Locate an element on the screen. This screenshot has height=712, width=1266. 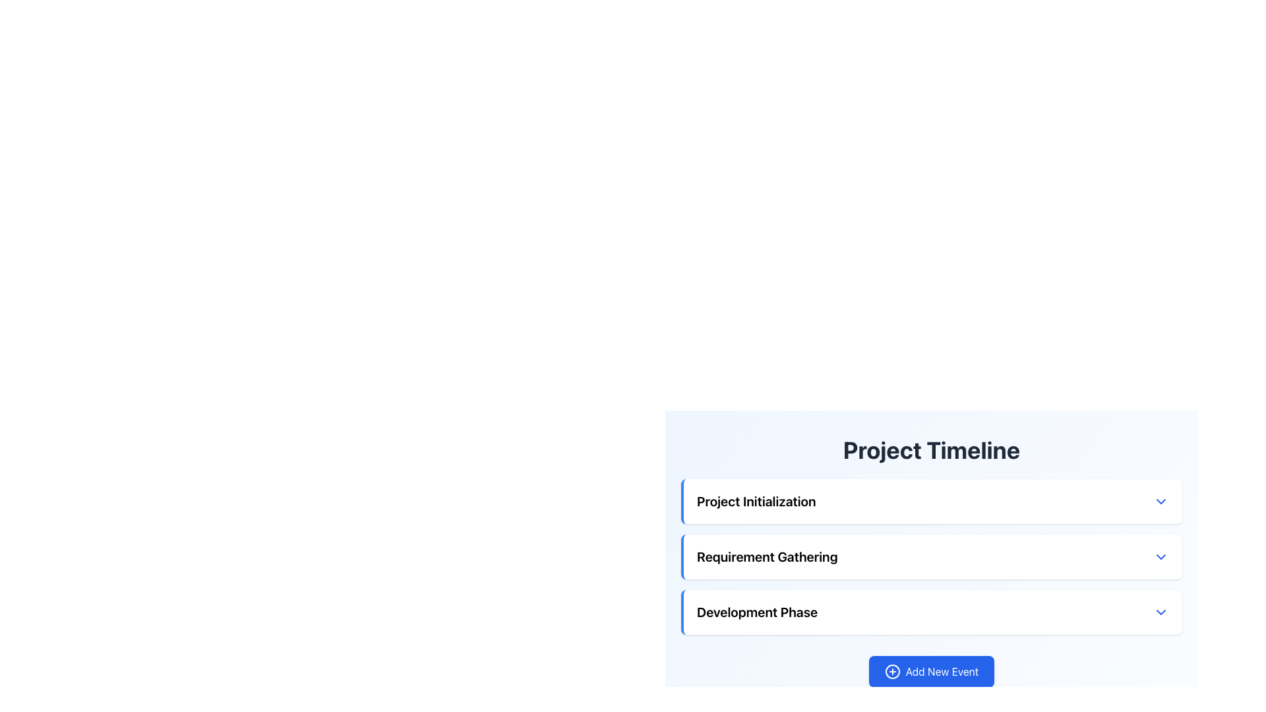
the header element displaying 'Project Timeline', which is a large, bold, centered heading in dark gray color is located at coordinates (930, 449).